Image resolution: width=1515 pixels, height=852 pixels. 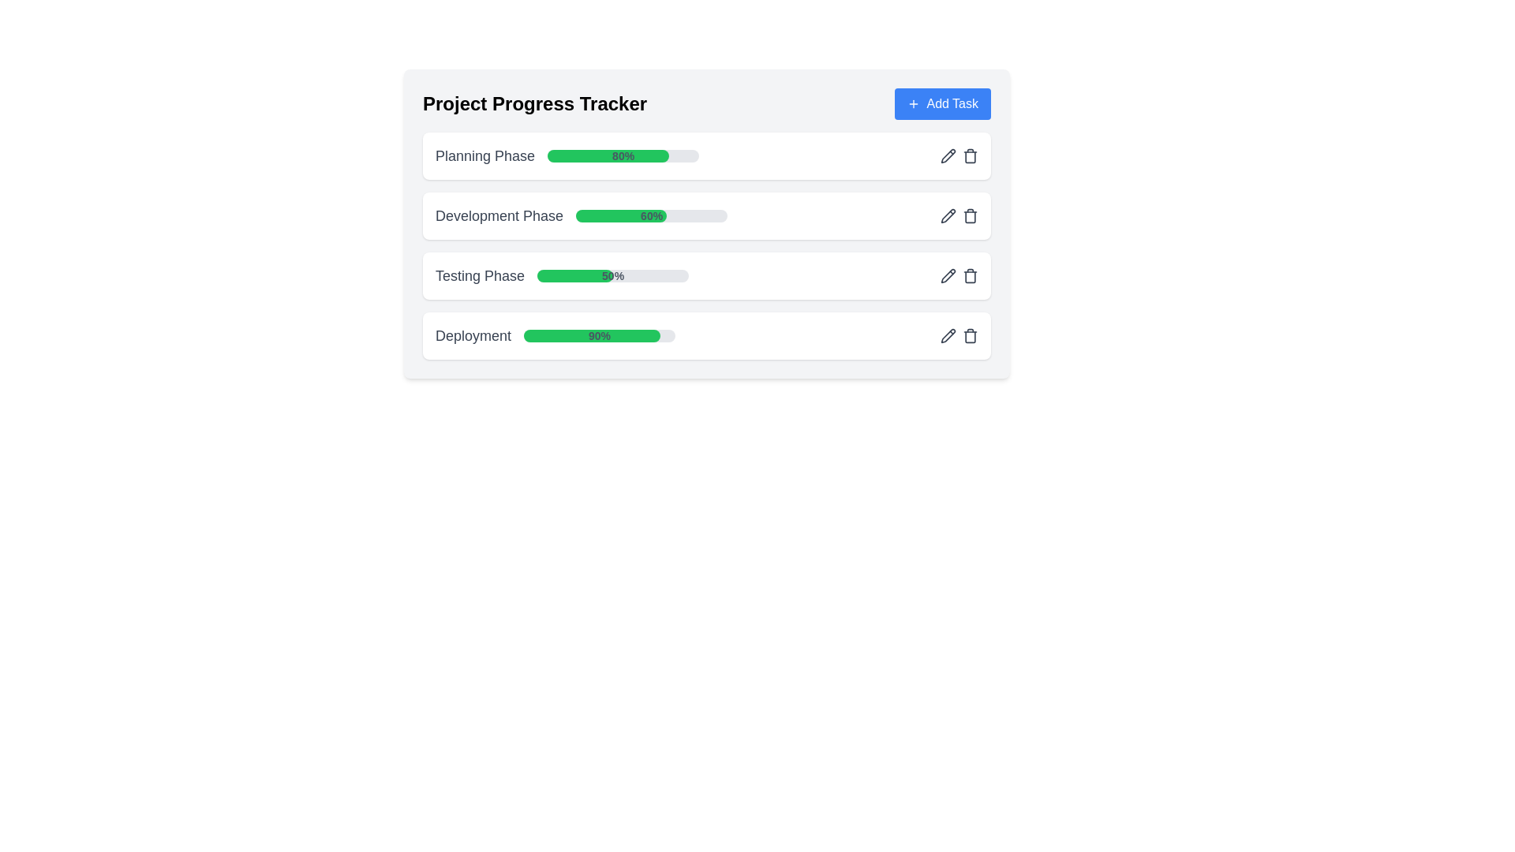 What do you see at coordinates (652, 215) in the screenshot?
I see `the progress bar indicating 60% completion` at bounding box center [652, 215].